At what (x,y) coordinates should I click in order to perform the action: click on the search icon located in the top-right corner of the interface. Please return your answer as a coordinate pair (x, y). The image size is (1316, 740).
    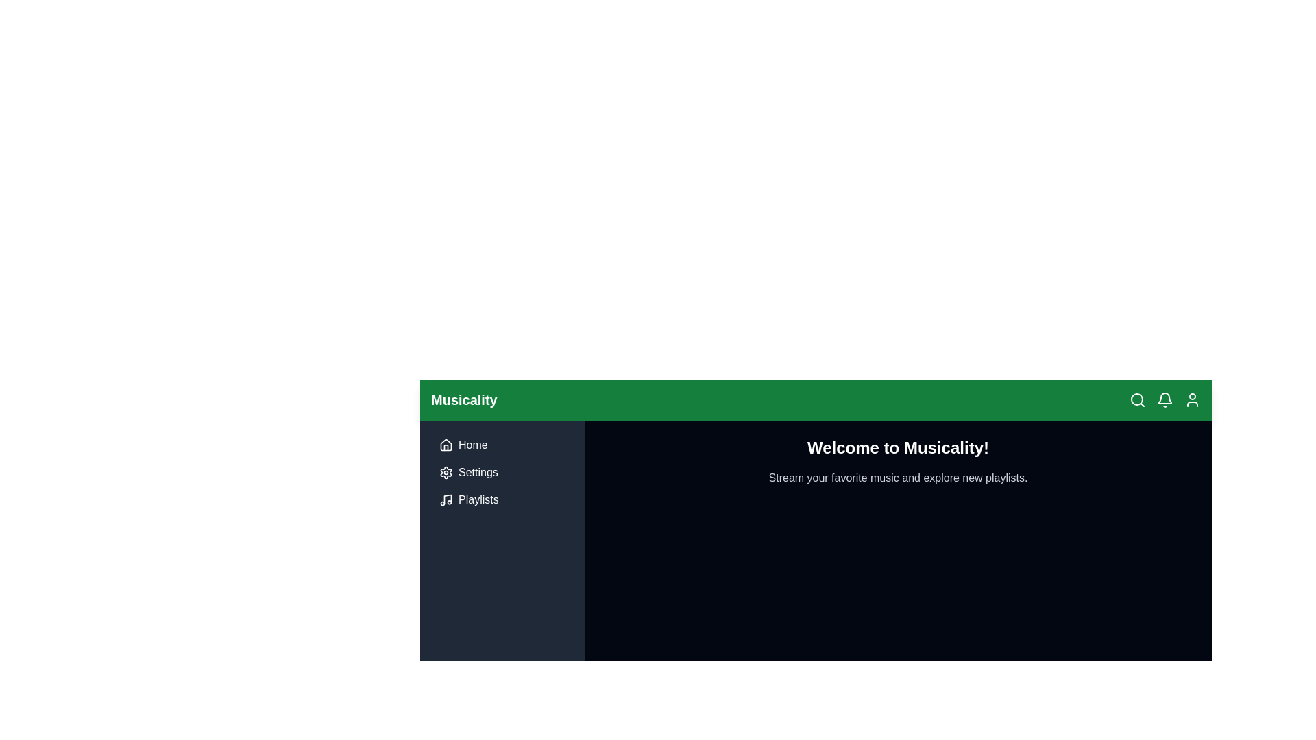
    Looking at the image, I should click on (1138, 399).